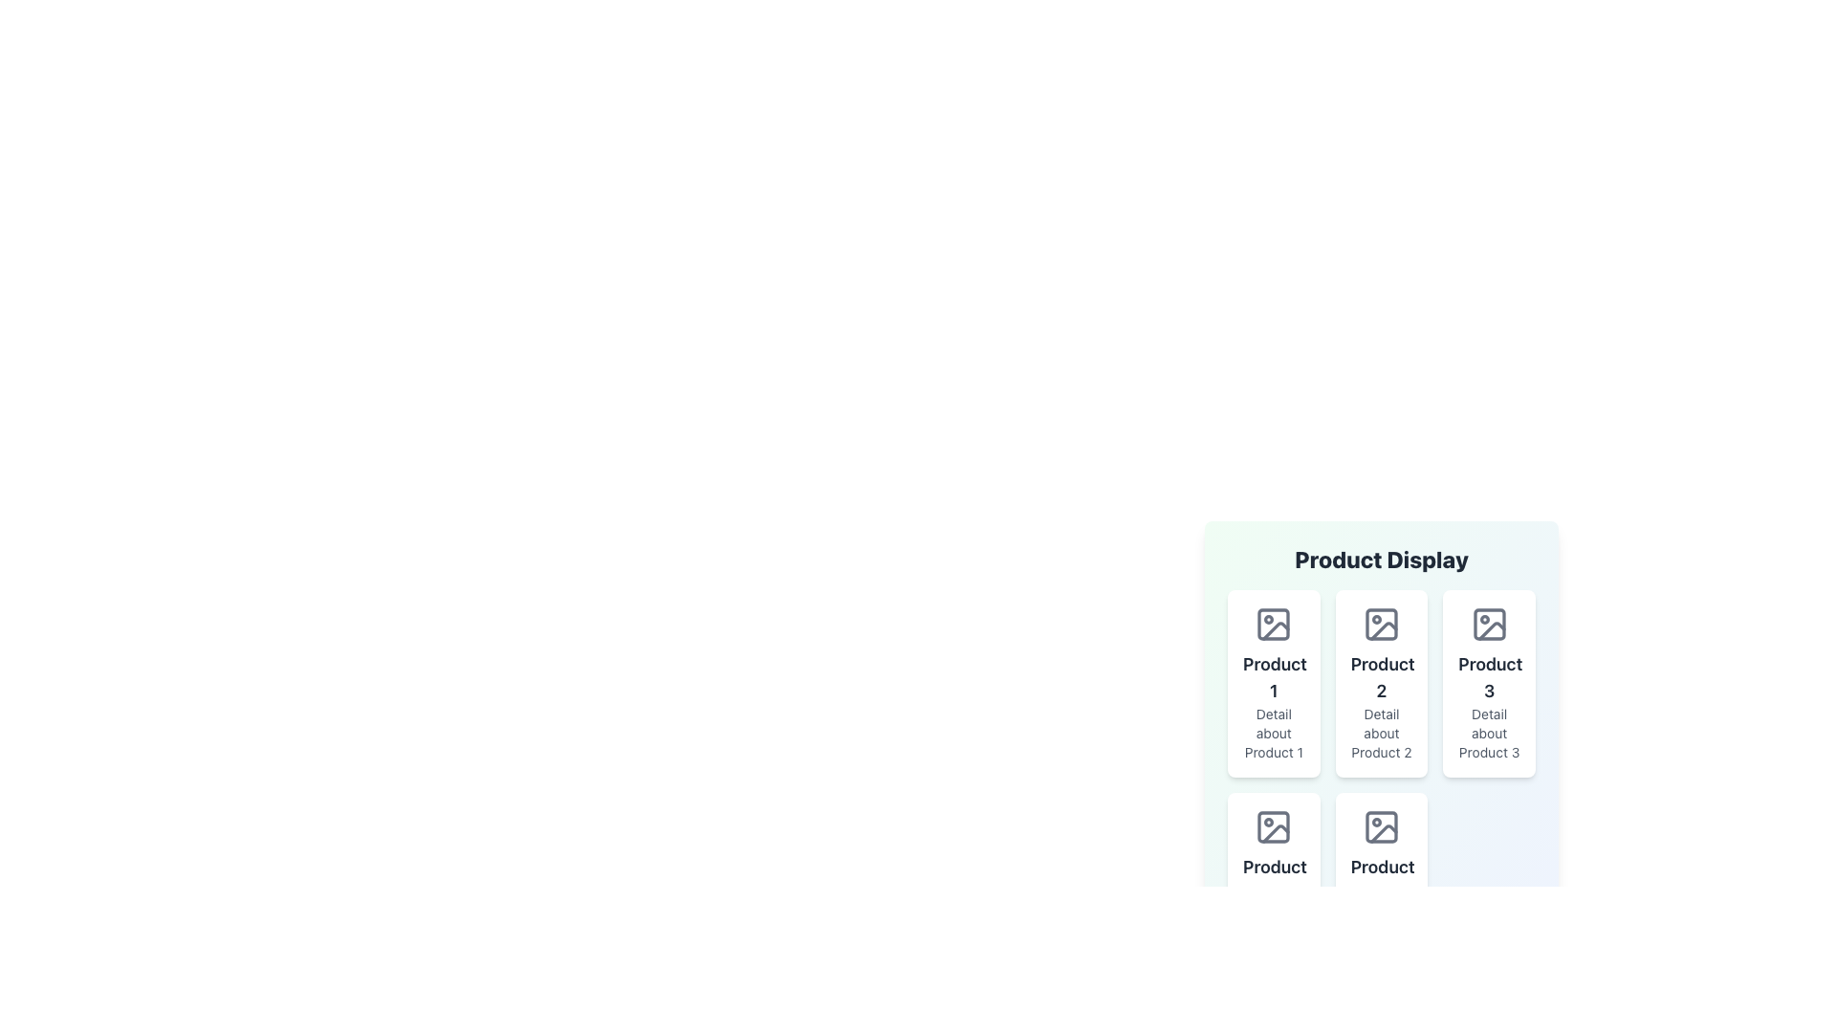 Image resolution: width=1836 pixels, height=1033 pixels. What do you see at coordinates (1381, 624) in the screenshot?
I see `the image placeholder icon in the 'Product 2' section, which is located above the text 'Product 2' and 'Detail about Product 2'` at bounding box center [1381, 624].